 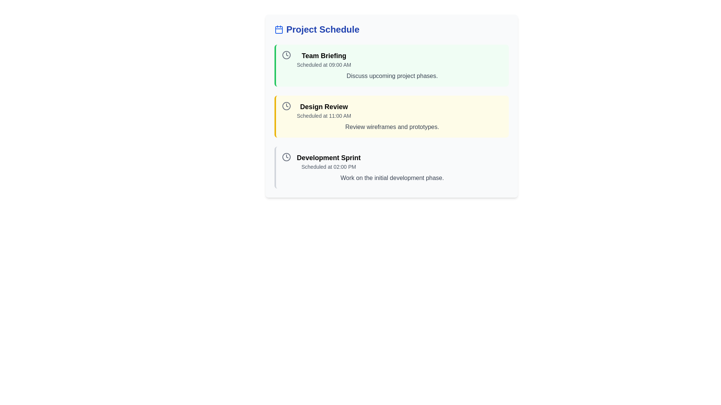 I want to click on the Information card or list item with a yellow background titled 'Design Review', which is the second event in the Project Schedule section, so click(x=391, y=106).